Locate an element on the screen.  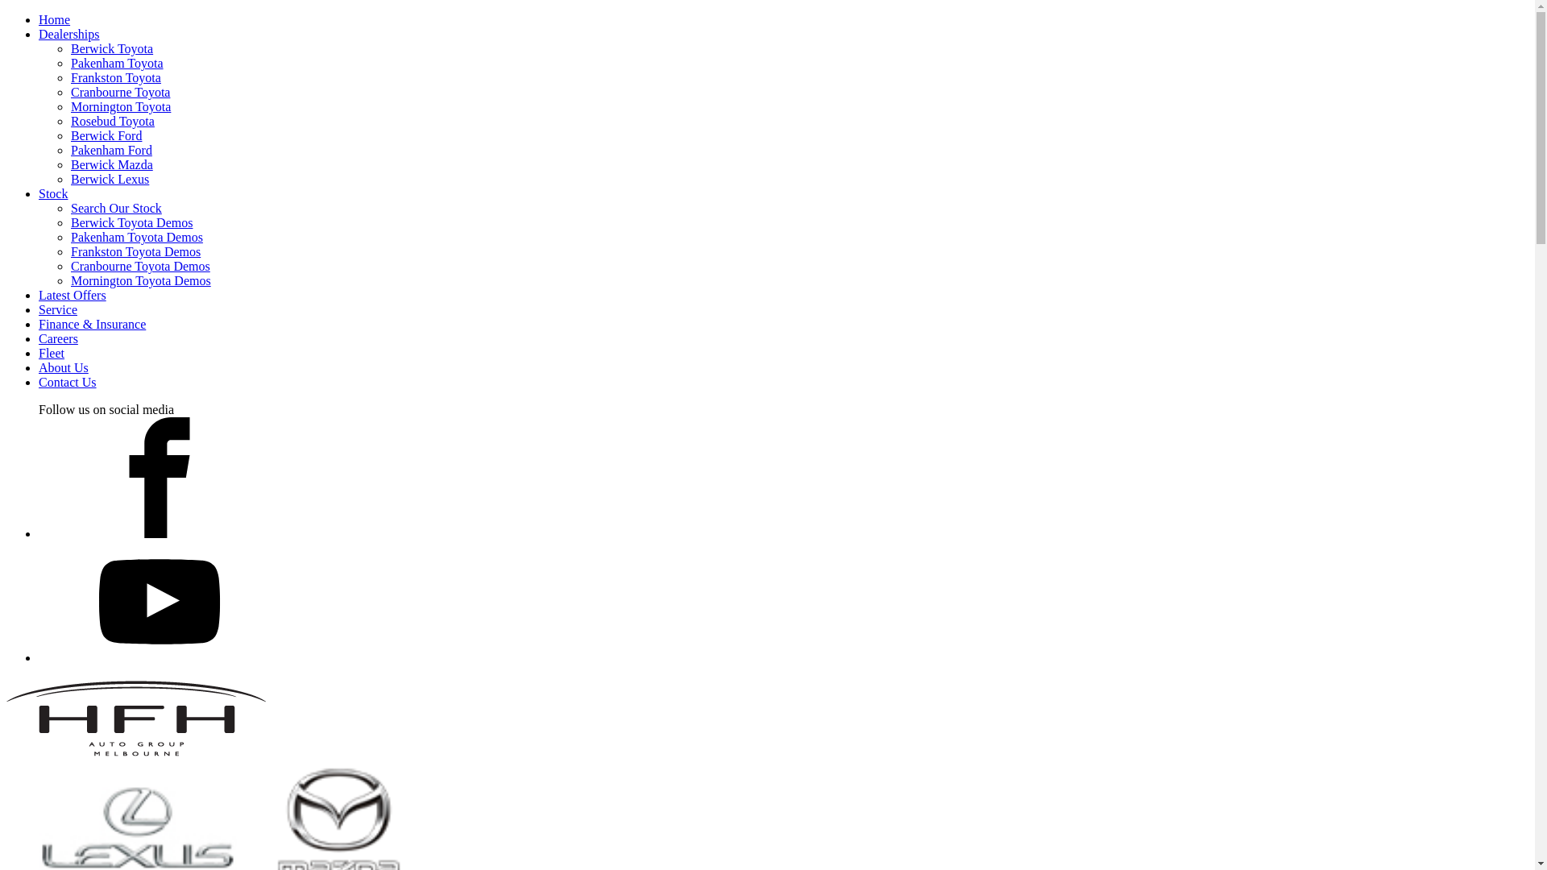
'Fleet' is located at coordinates (51, 352).